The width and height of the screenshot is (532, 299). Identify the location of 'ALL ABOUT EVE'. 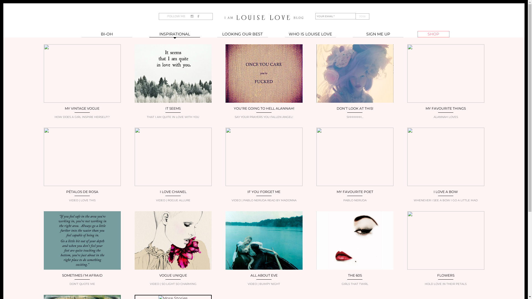
(250, 275).